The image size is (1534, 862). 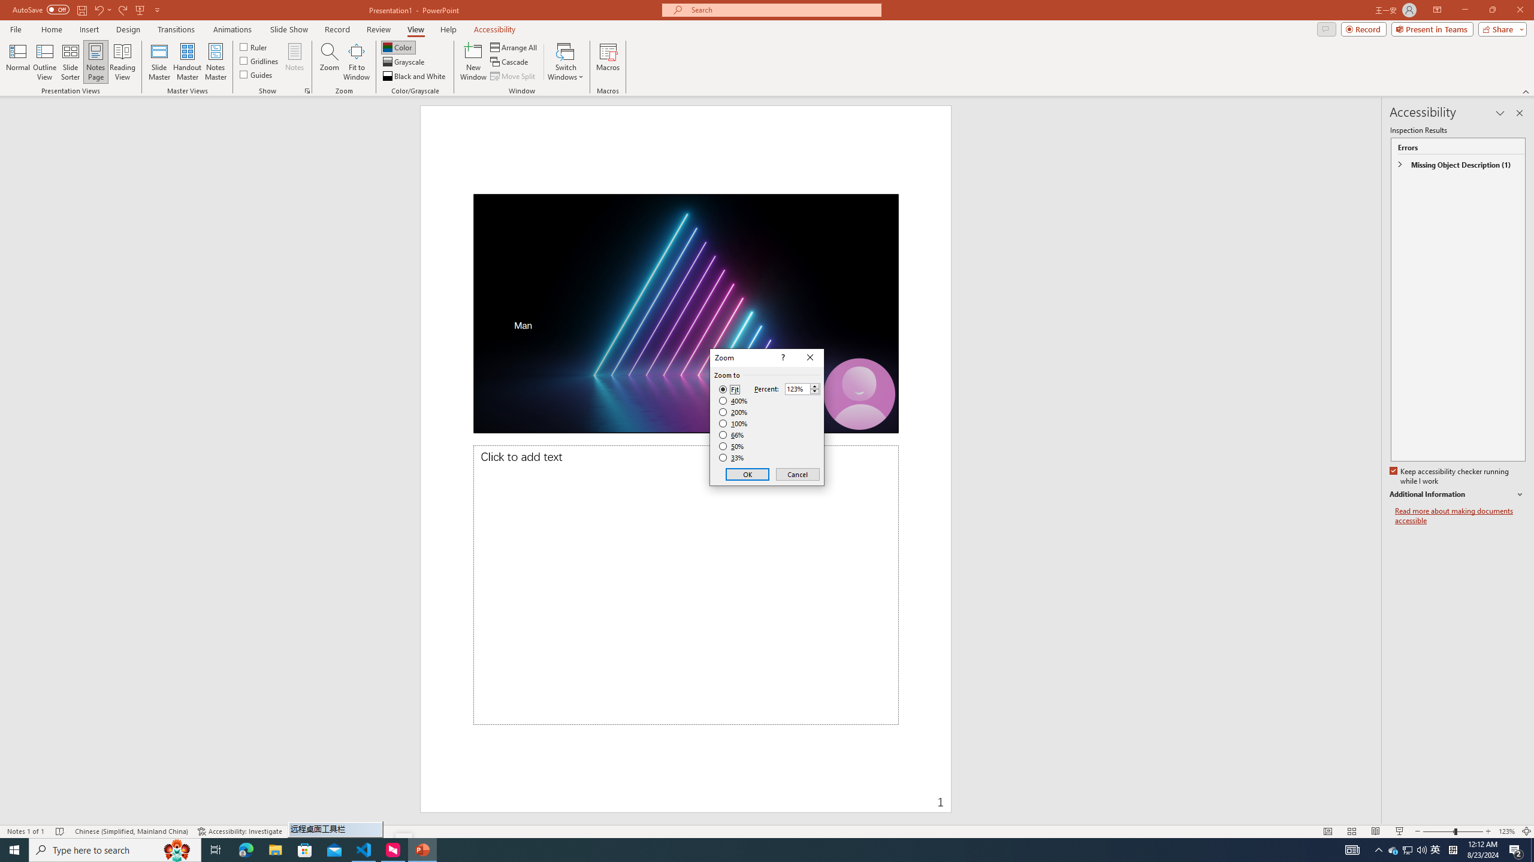 What do you see at coordinates (510, 62) in the screenshot?
I see `'Cascade'` at bounding box center [510, 62].